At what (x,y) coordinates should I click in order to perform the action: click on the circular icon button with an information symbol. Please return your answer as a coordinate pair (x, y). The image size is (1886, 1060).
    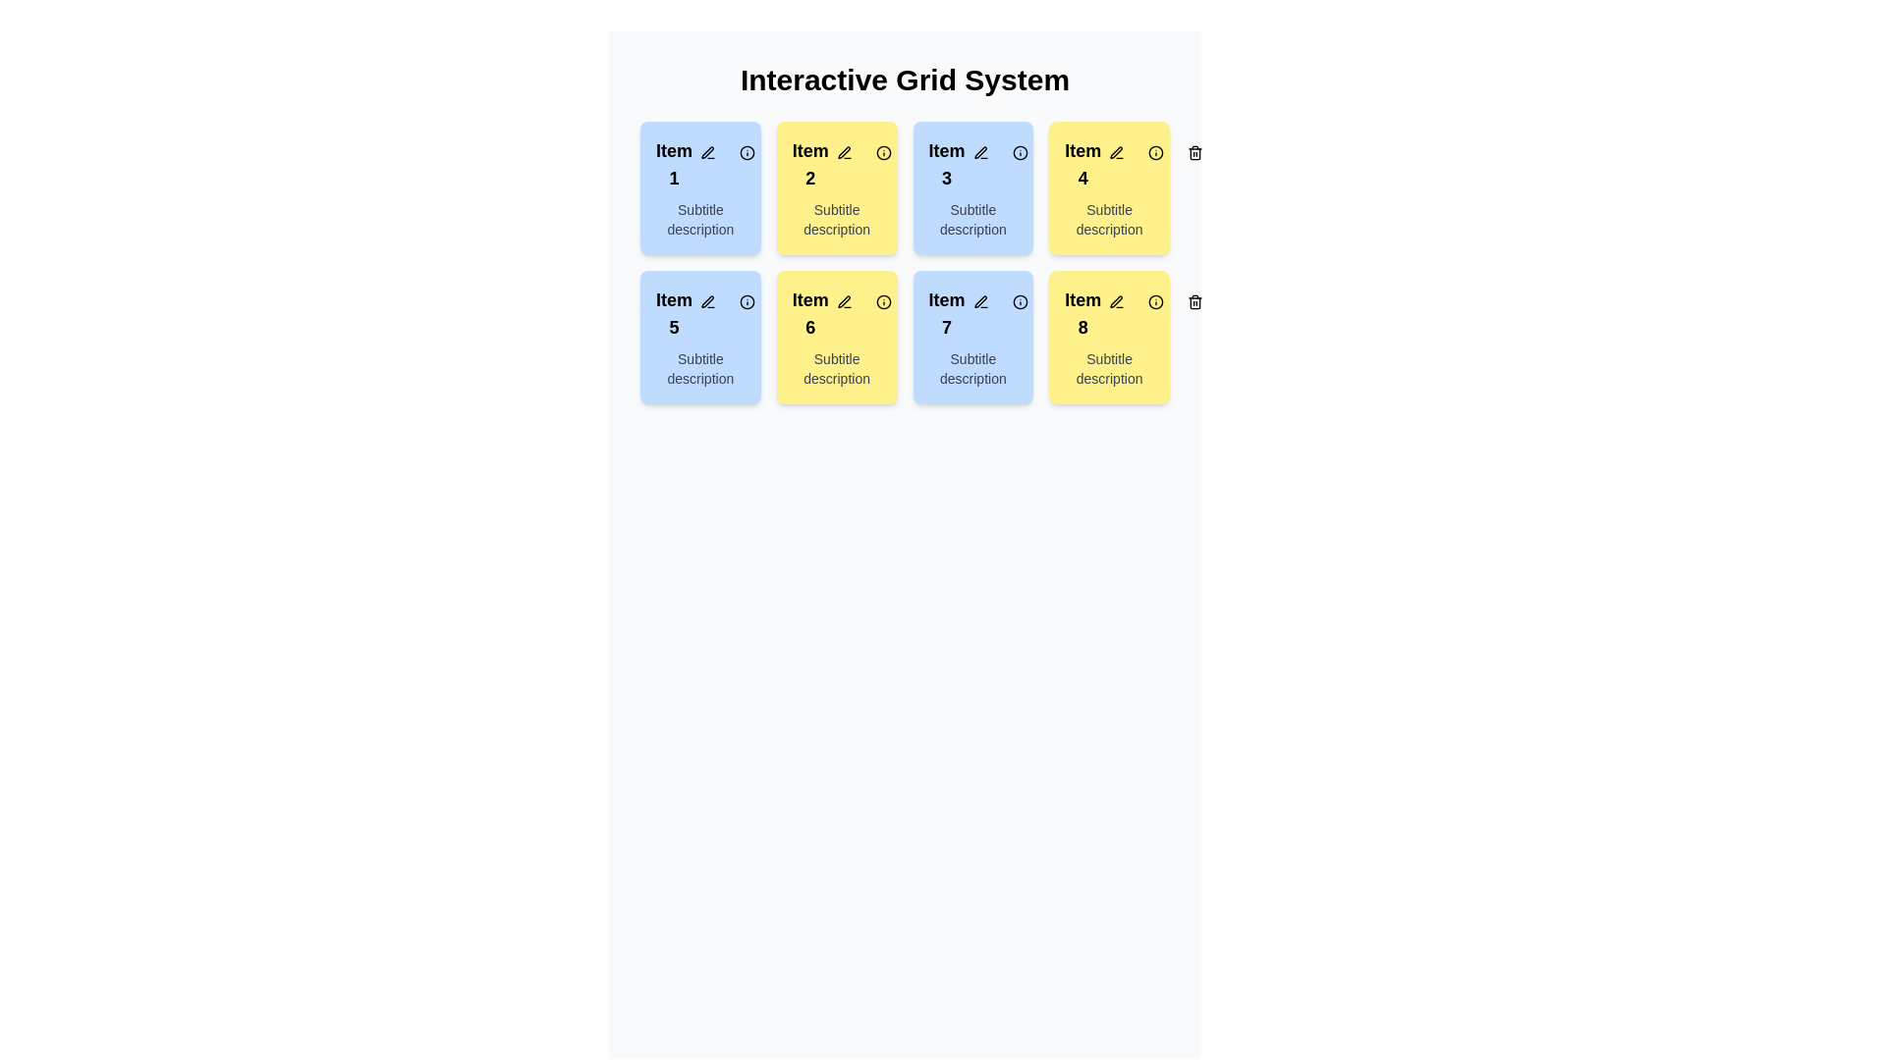
    Looking at the image, I should click on (882, 302).